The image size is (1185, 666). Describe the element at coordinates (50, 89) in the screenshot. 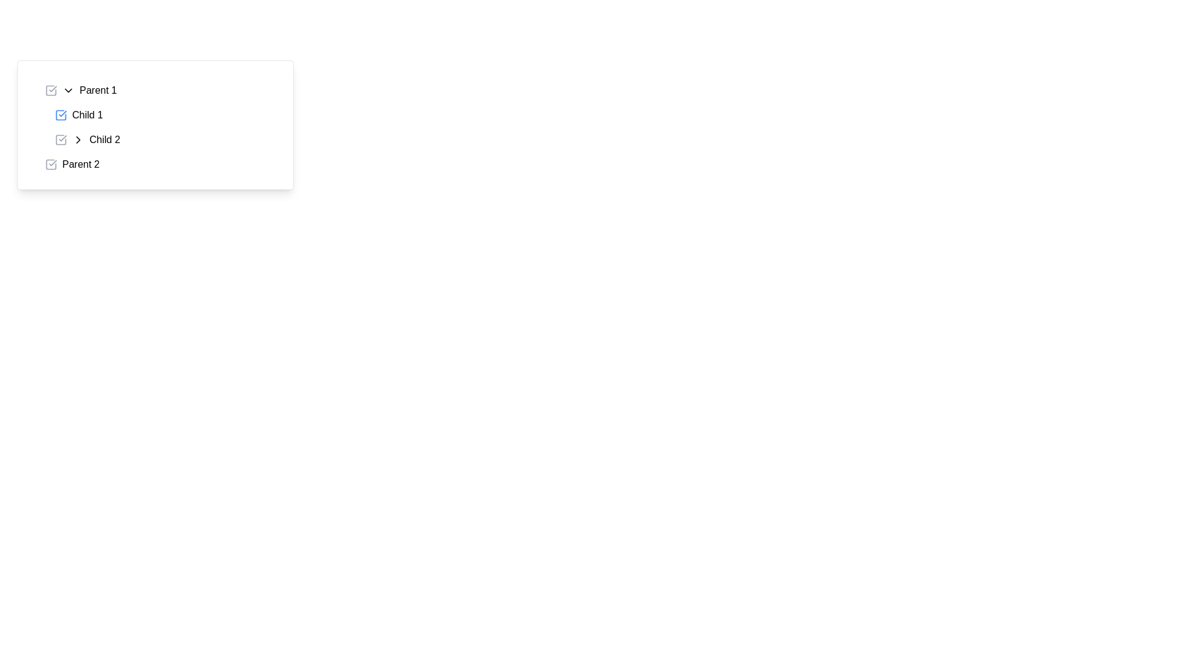

I see `the checkbox icon with a checkmark inside, styled with a gray outline` at that location.